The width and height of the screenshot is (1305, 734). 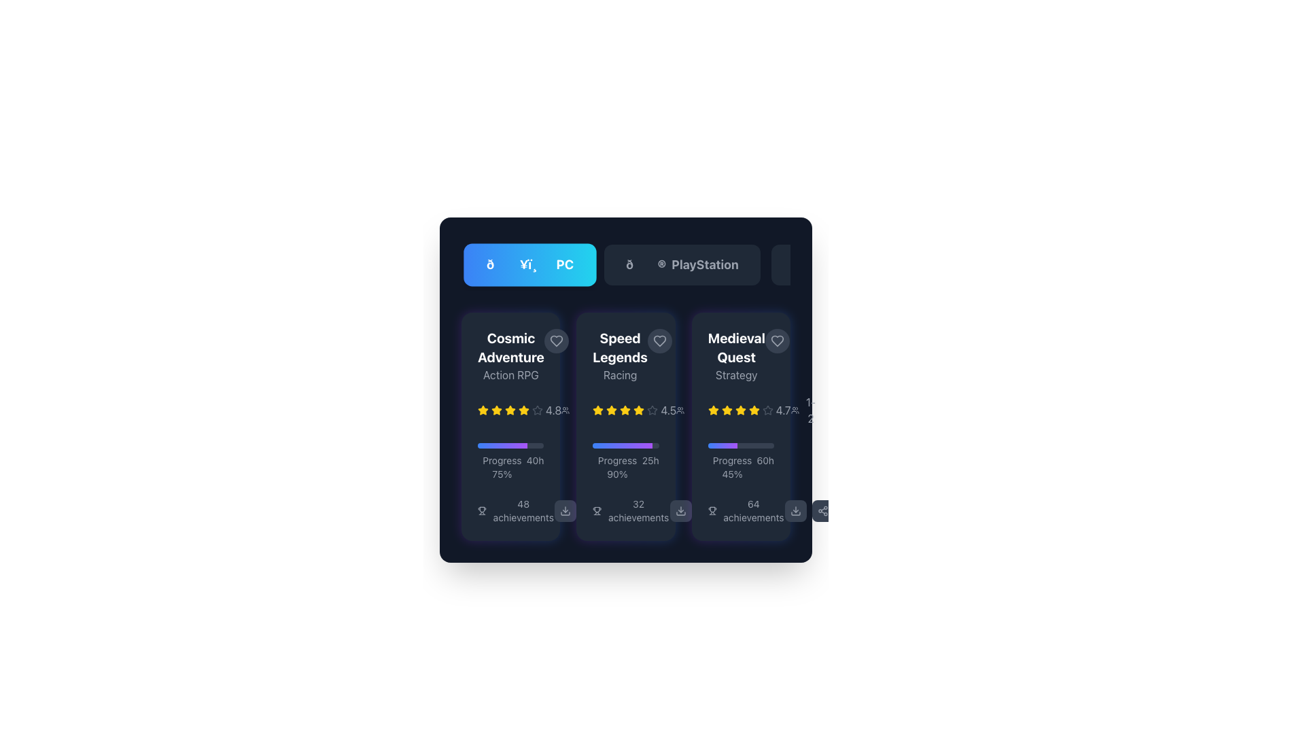 I want to click on the informational card component displaying details about the game 'Speed Legends', which is the middle card in a grid of three cards, characterized by its bold title, genre subtitle, star rating, progress bar, and achievements, so click(x=625, y=426).